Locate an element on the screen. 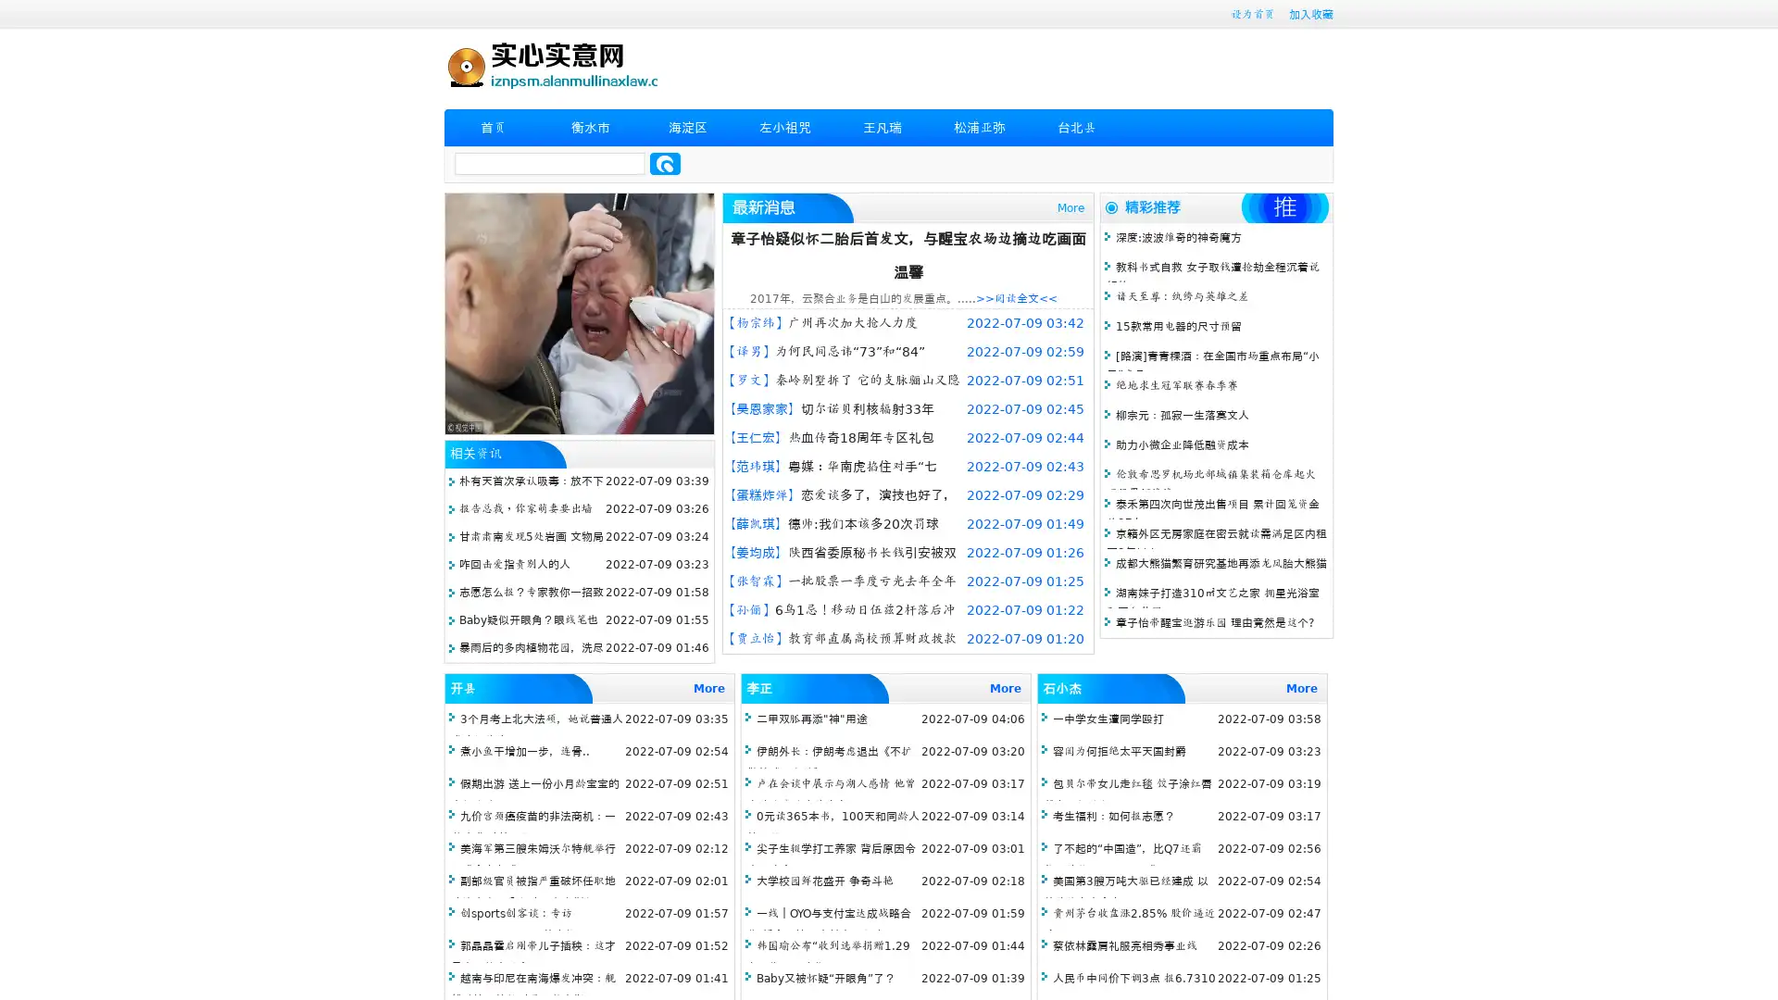 The height and width of the screenshot is (1000, 1778). Search is located at coordinates (665, 163).